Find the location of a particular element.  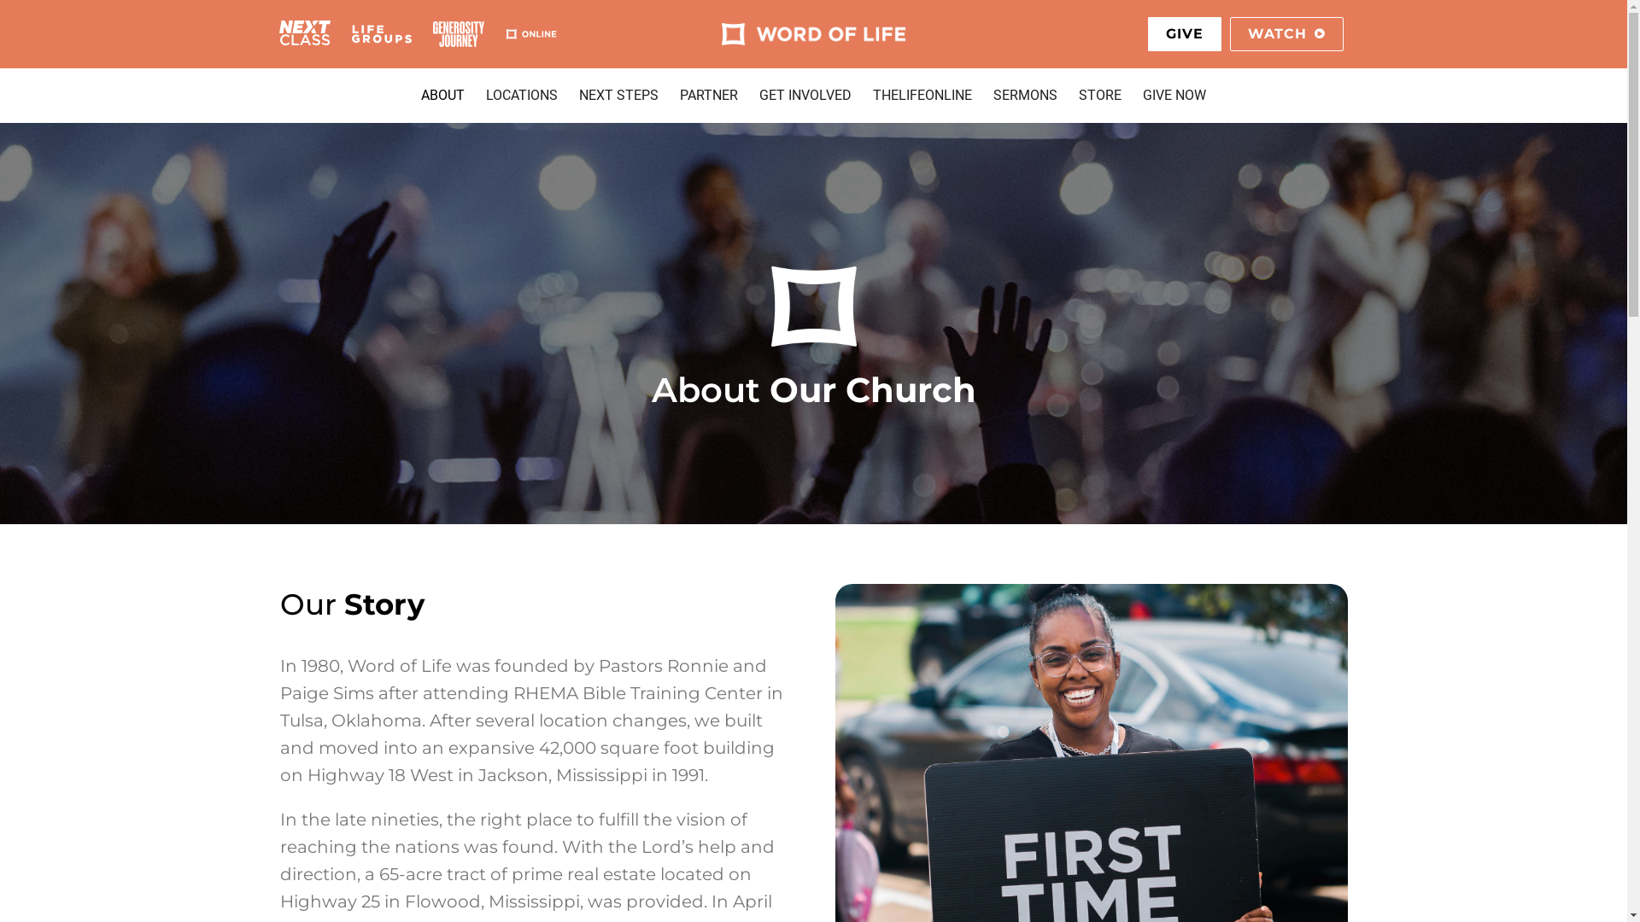

'ABOUT' is located at coordinates (442, 95).